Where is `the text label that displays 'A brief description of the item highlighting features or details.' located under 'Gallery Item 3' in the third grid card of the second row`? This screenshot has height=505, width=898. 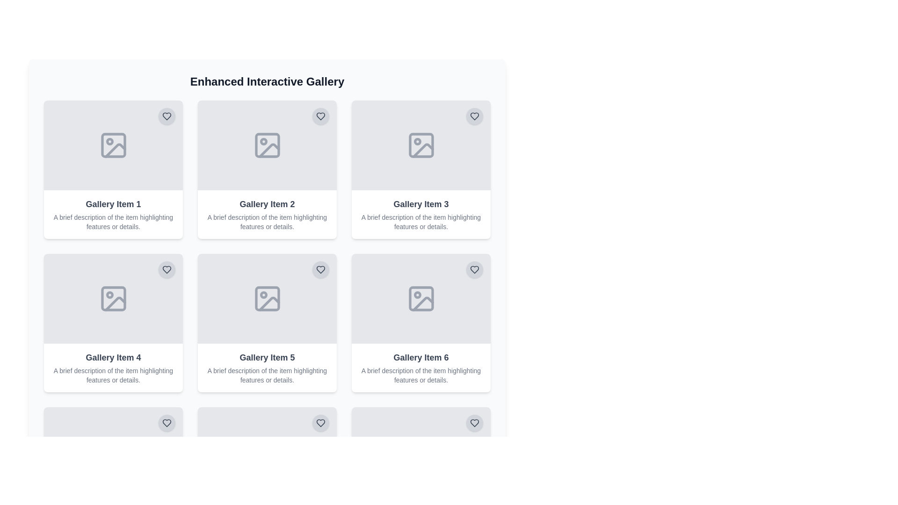
the text label that displays 'A brief description of the item highlighting features or details.' located under 'Gallery Item 3' in the third grid card of the second row is located at coordinates (420, 222).